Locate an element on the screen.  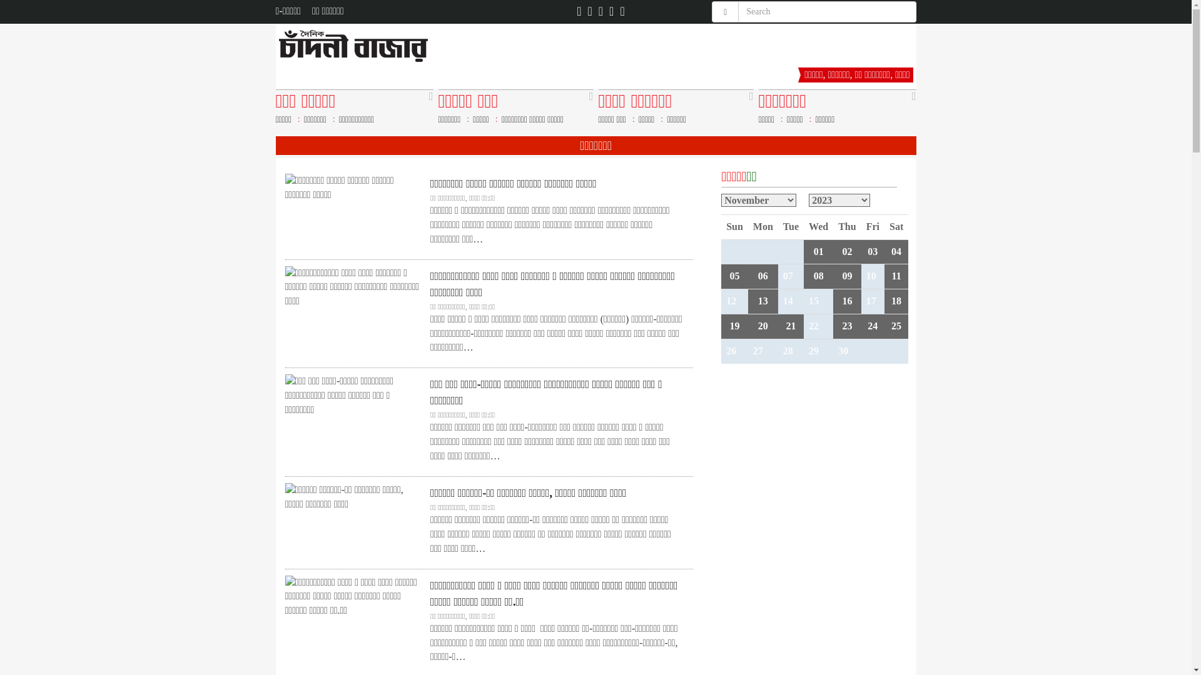
'05' is located at coordinates (729, 275).